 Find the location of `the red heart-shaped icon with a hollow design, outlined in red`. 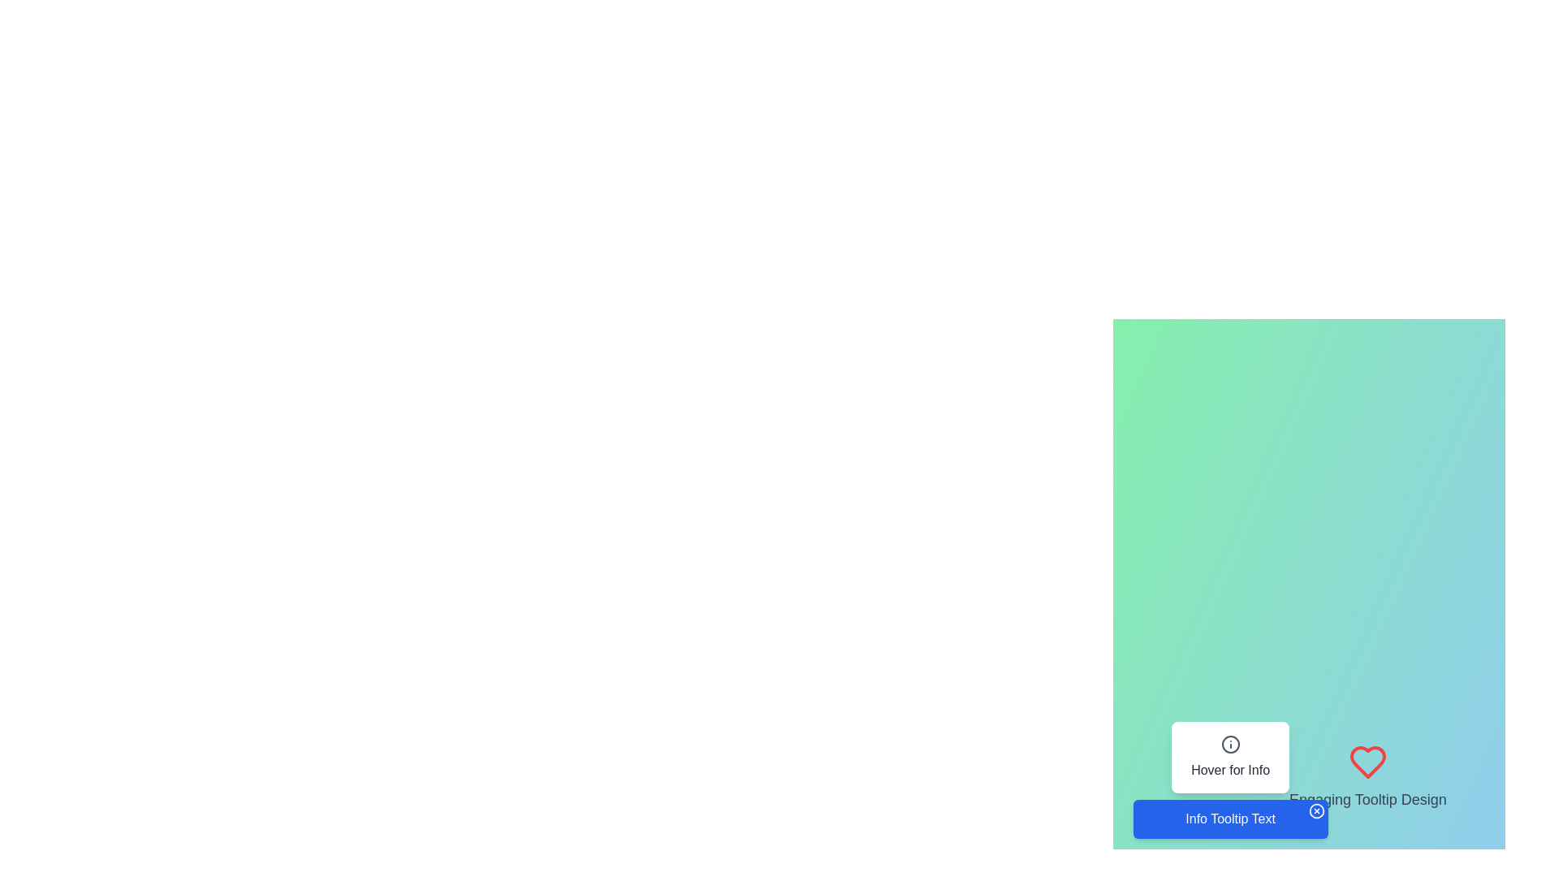

the red heart-shaped icon with a hollow design, outlined in red is located at coordinates (1367, 762).